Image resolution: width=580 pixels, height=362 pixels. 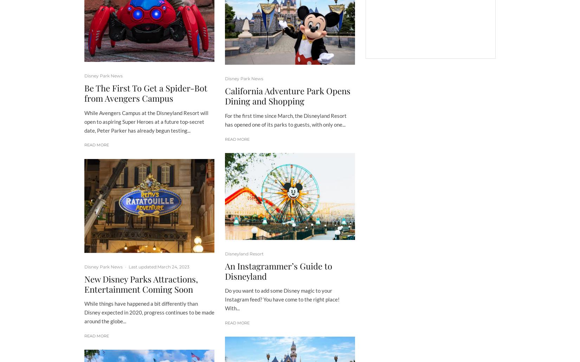 I want to click on 'An Instagrammer’s Guide to Disneyland', so click(x=278, y=271).